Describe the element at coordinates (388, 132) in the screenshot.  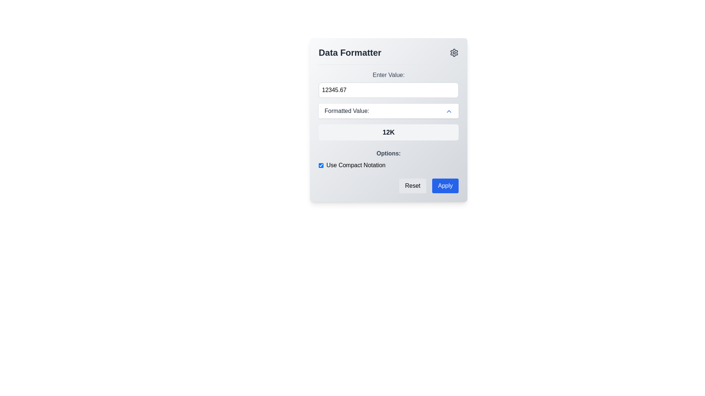
I see `the text display component located in the 'Data Formatter' dialog box, positioned below 'Formatted Value:' and above 'Options:'` at that location.